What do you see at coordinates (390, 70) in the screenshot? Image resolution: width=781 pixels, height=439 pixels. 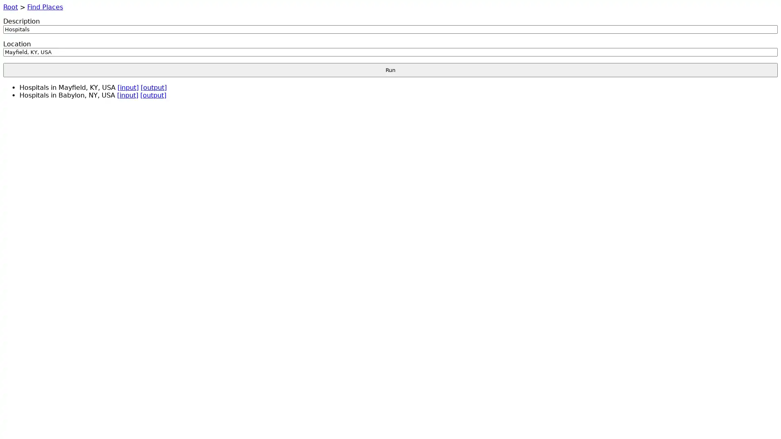 I see `Run` at bounding box center [390, 70].